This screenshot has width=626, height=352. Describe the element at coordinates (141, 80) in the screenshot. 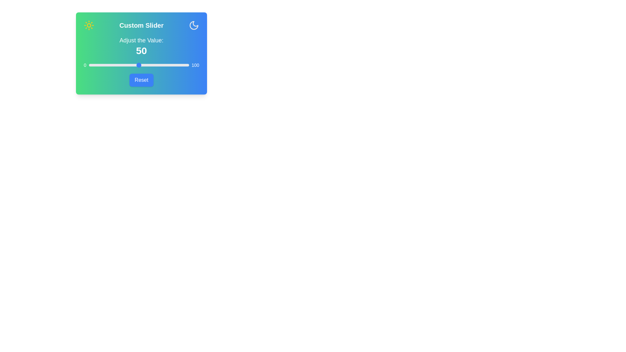

I see `'Reset' button to reset the slider value` at that location.